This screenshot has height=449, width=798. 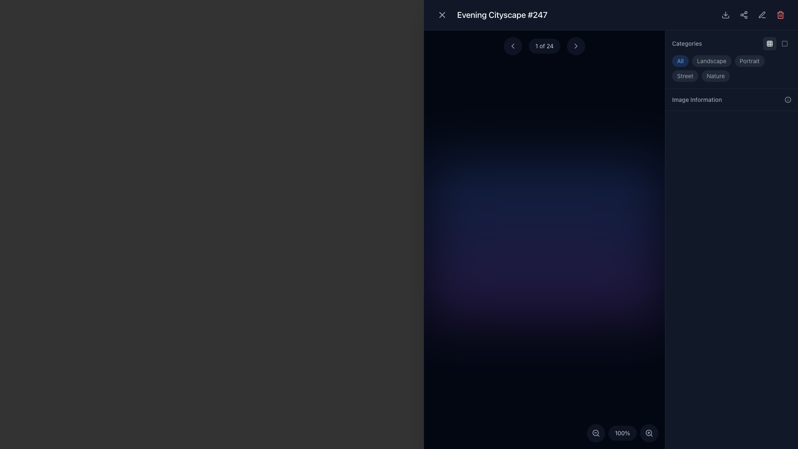 I want to click on the rounded gray button with a downward arrow icon in the upper-right section of the interface to change its background color, so click(x=725, y=15).